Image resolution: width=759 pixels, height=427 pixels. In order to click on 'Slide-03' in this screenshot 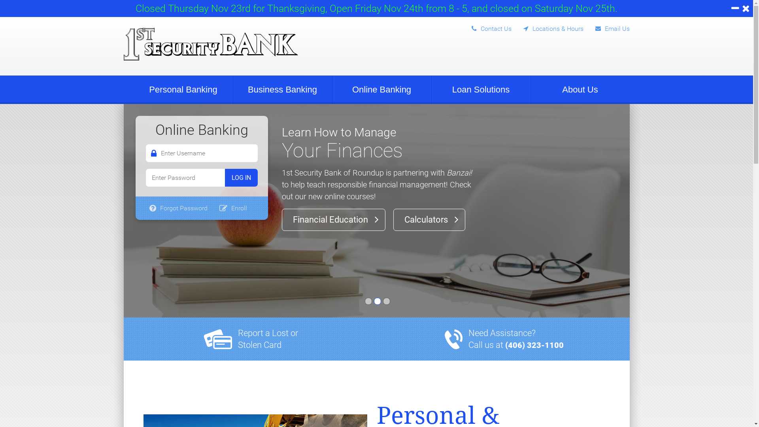, I will do `click(383, 301)`.